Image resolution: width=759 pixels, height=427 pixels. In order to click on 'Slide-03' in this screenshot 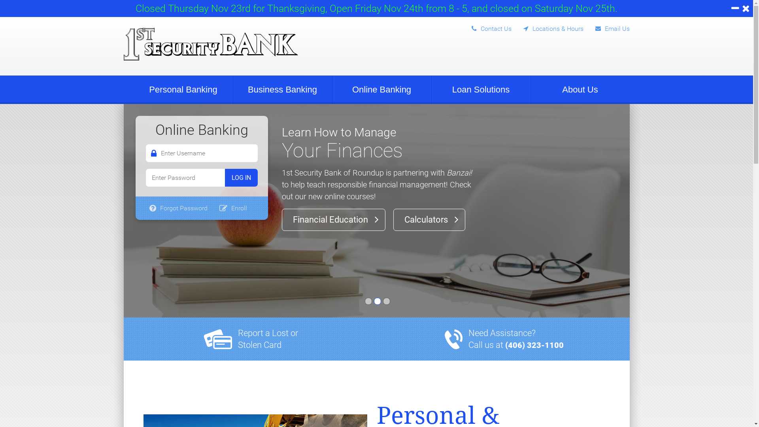, I will do `click(383, 301)`.